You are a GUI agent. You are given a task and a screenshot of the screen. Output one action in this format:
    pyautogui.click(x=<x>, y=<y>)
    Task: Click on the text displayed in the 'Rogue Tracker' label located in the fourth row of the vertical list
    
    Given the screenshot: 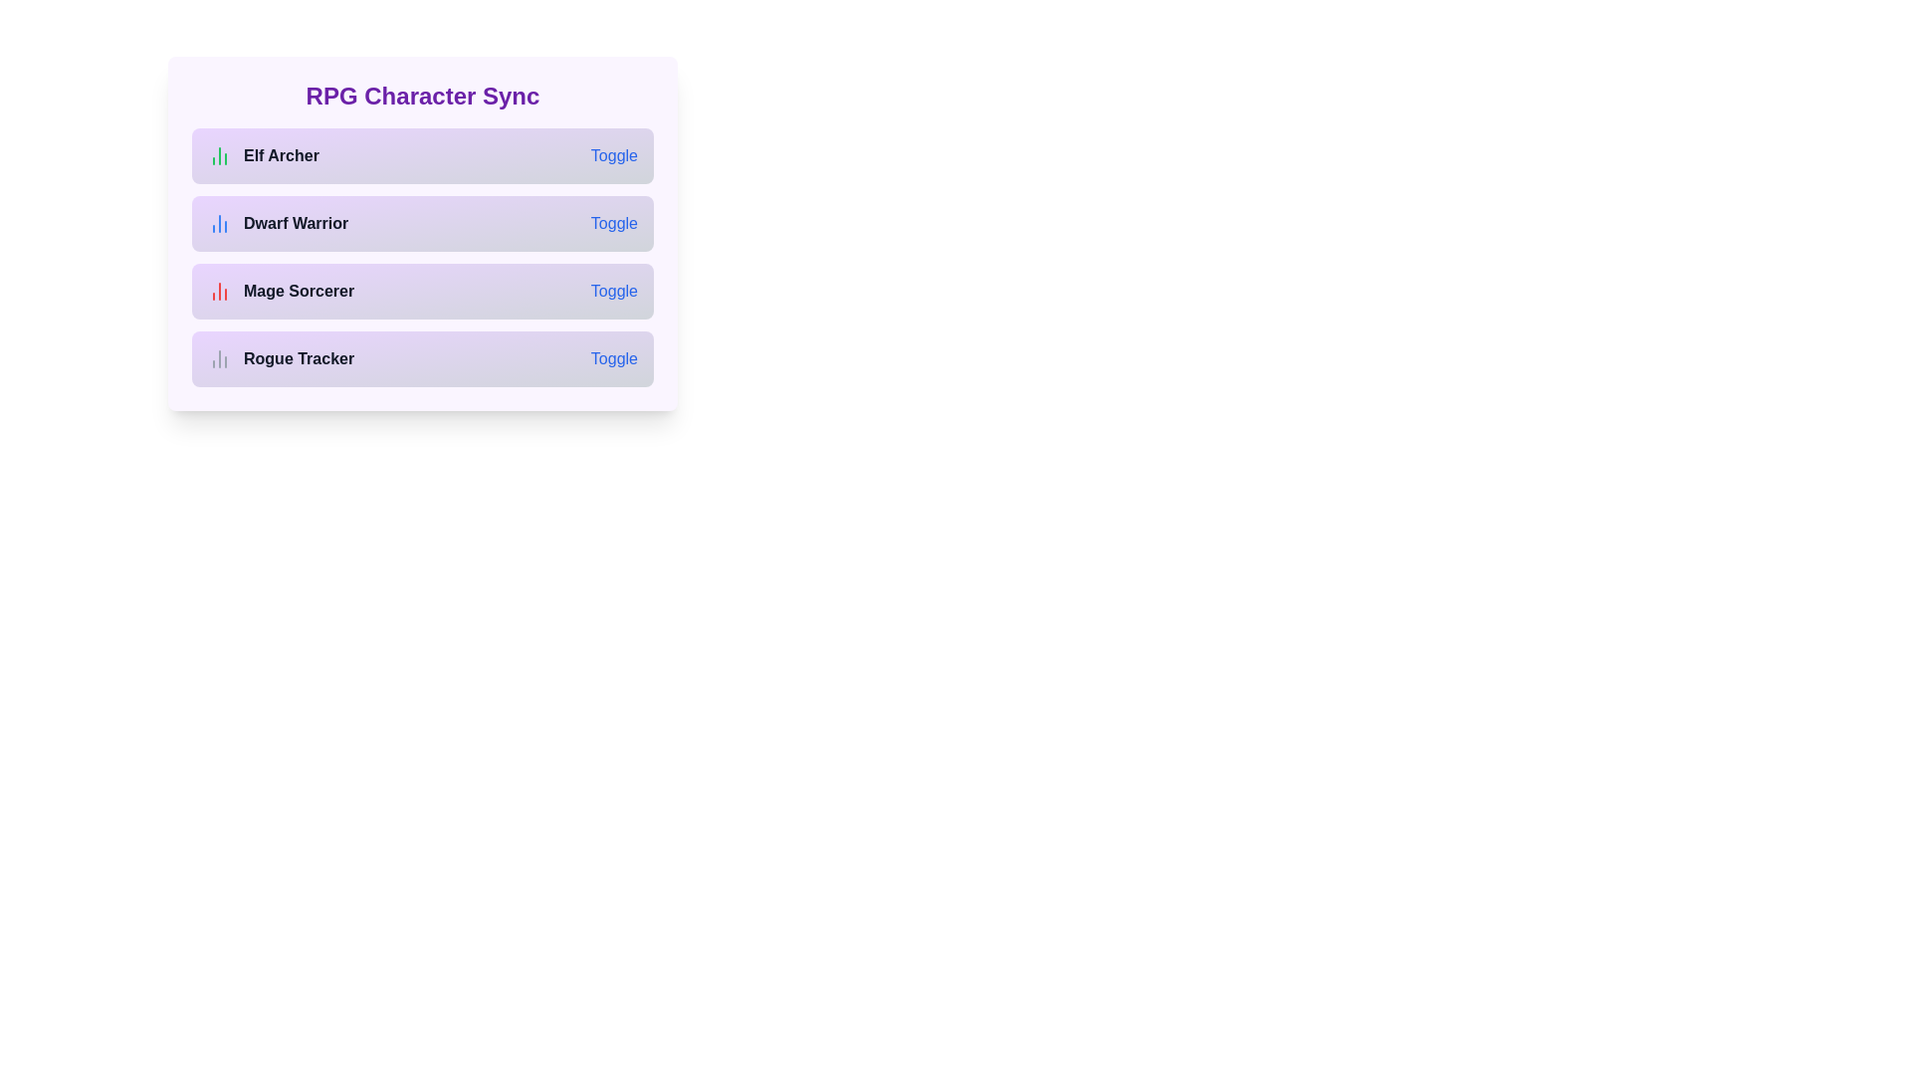 What is the action you would take?
    pyautogui.click(x=298, y=359)
    